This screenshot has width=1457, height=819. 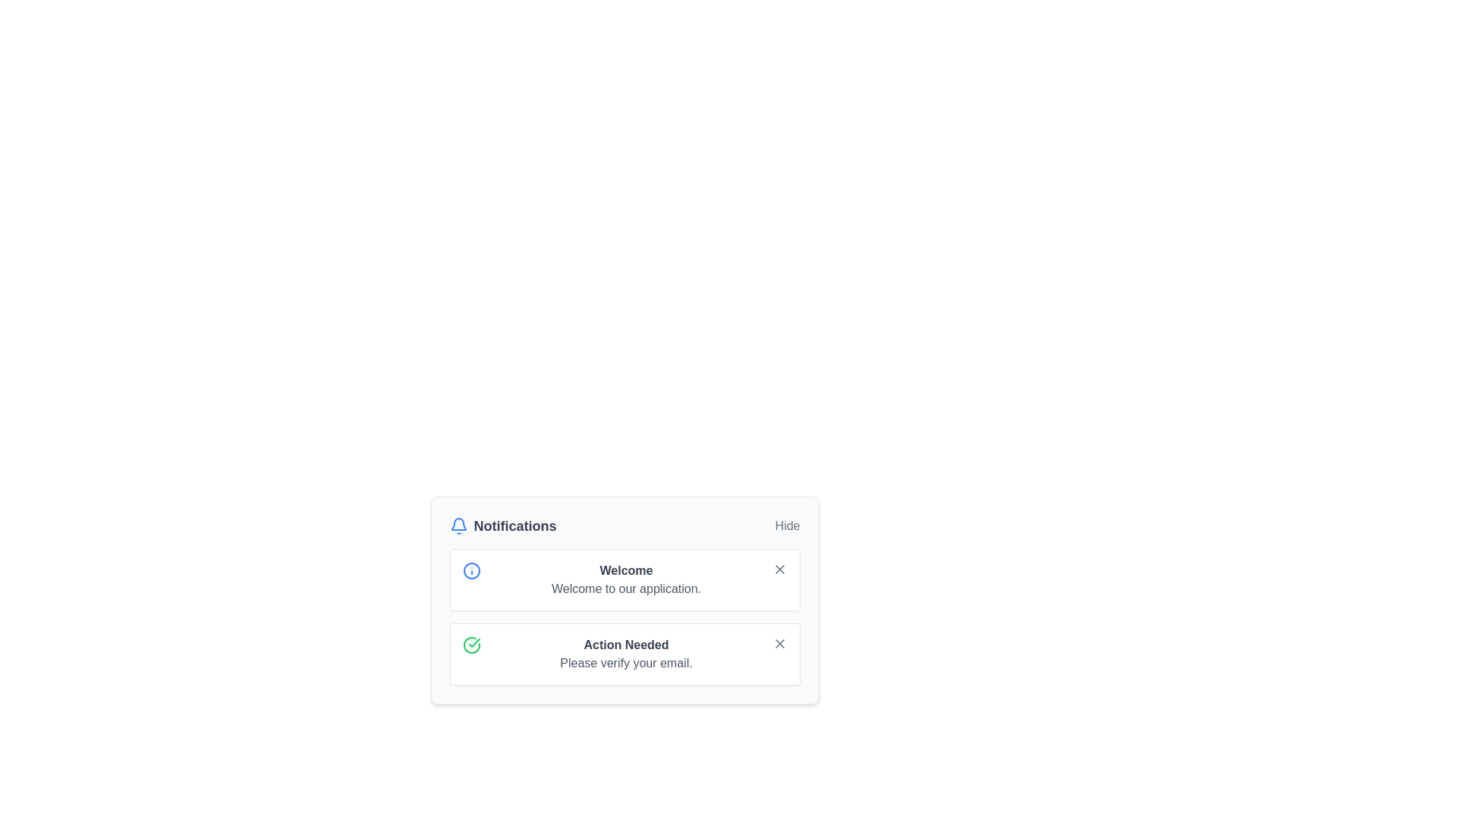 I want to click on the circular blue information icon located on the left side of the notification tile, aligned with the bolded 'Welcome' text, so click(x=470, y=570).